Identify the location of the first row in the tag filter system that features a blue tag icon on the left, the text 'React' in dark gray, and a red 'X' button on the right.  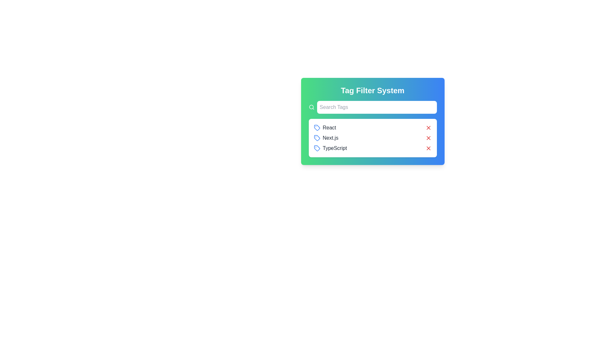
(373, 128).